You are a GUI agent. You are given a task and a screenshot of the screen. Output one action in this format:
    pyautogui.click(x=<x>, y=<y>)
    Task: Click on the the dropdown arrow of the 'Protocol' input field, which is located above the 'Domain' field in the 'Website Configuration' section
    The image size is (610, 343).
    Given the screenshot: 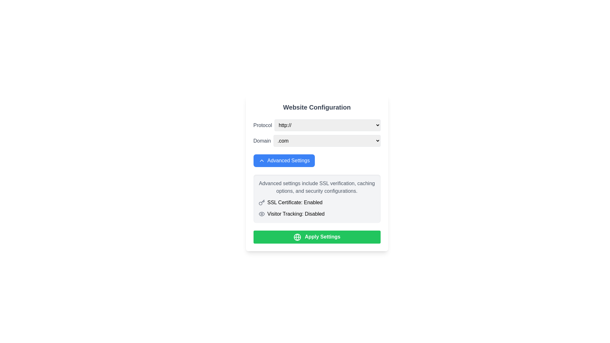 What is the action you would take?
    pyautogui.click(x=317, y=125)
    